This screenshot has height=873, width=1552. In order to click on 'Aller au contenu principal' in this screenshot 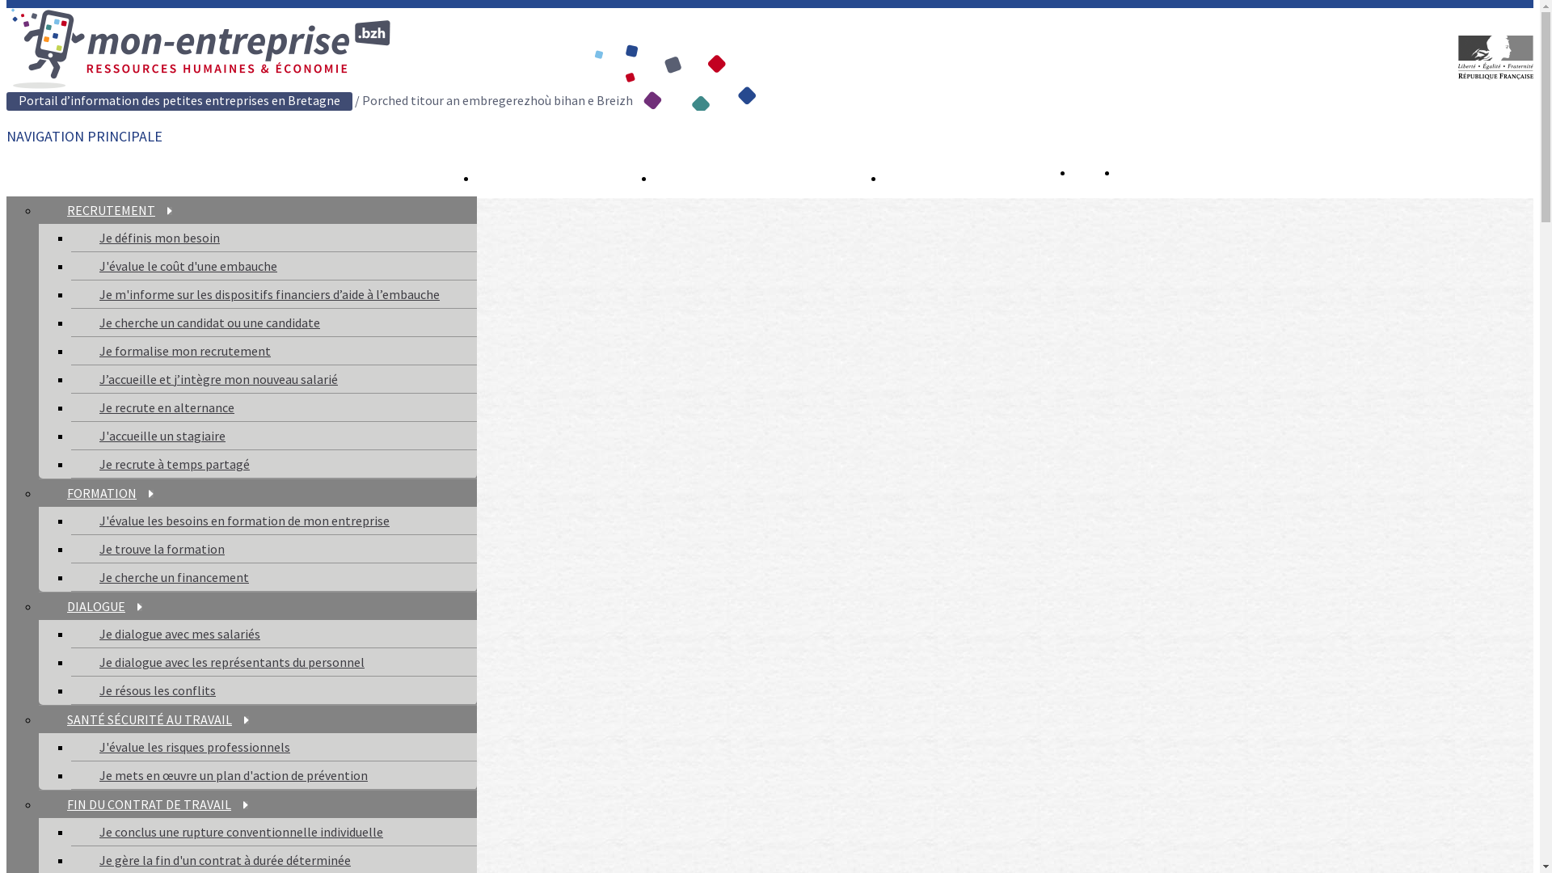, I will do `click(6, 8)`.